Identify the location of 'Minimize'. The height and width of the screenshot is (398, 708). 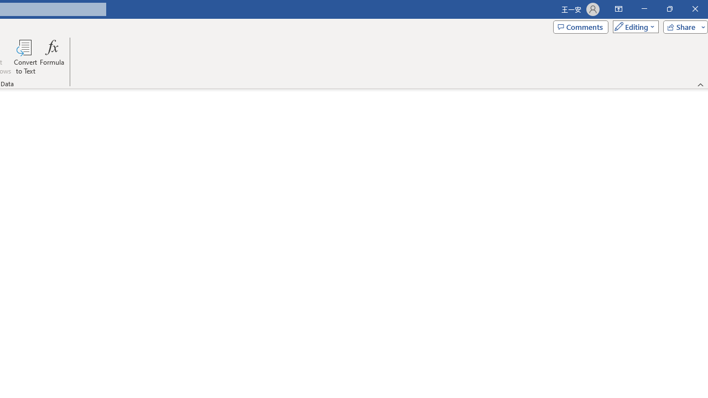
(644, 9).